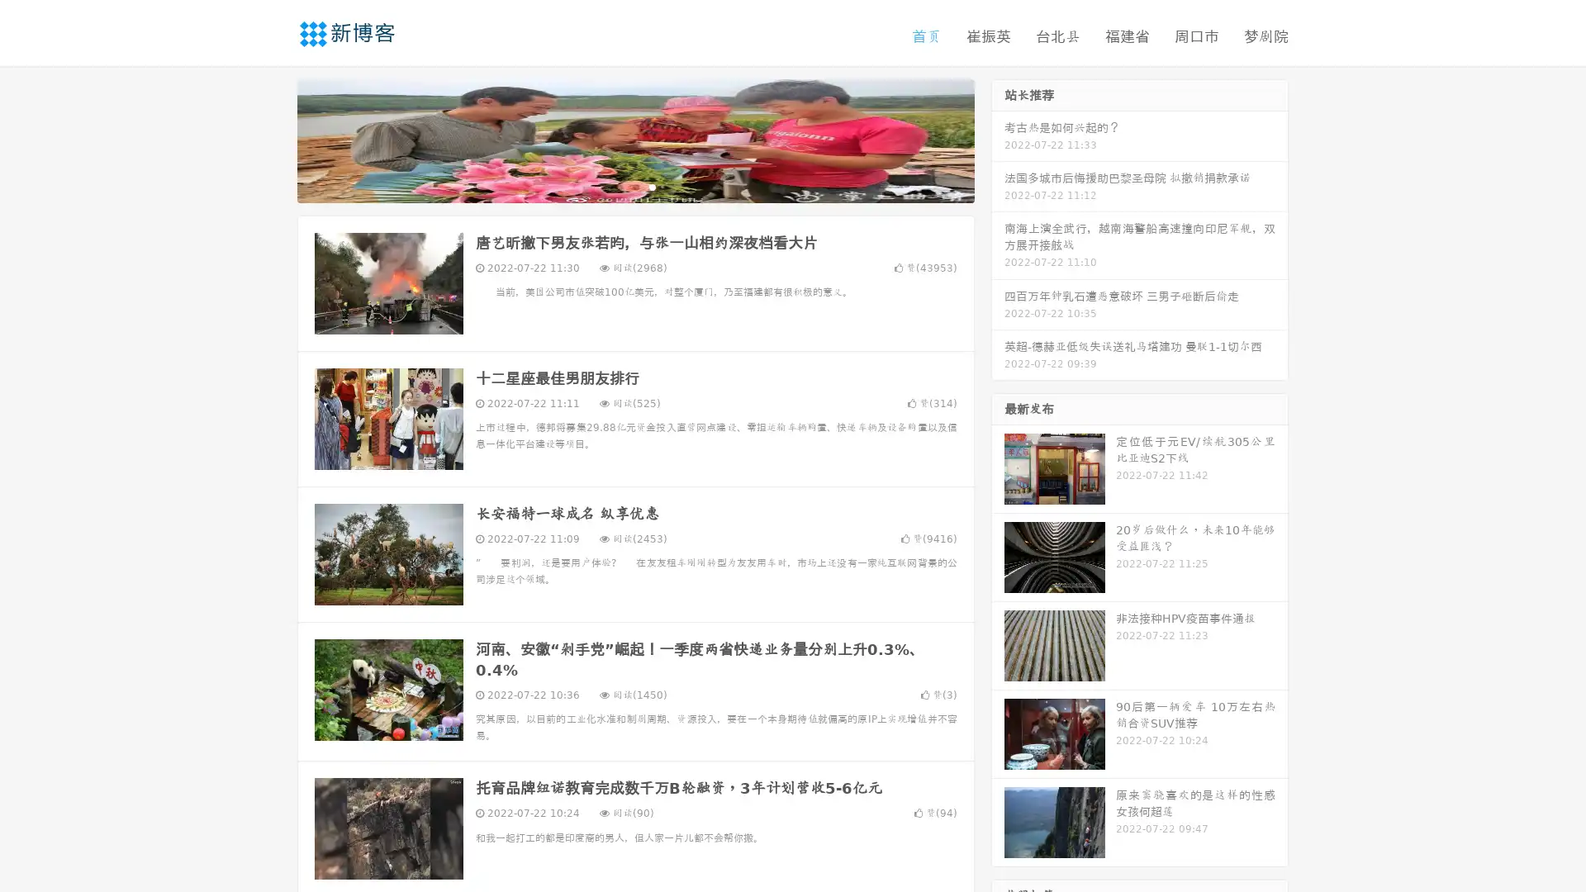 The image size is (1586, 892). What do you see at coordinates (634, 186) in the screenshot?
I see `Go to slide 2` at bounding box center [634, 186].